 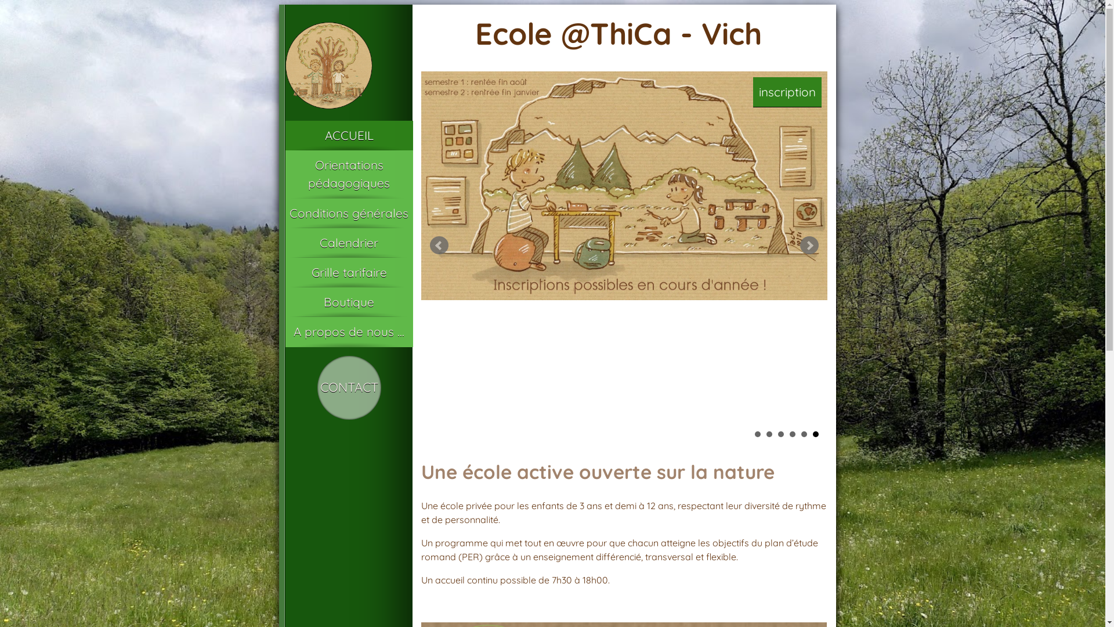 What do you see at coordinates (768, 434) in the screenshot?
I see `'2'` at bounding box center [768, 434].